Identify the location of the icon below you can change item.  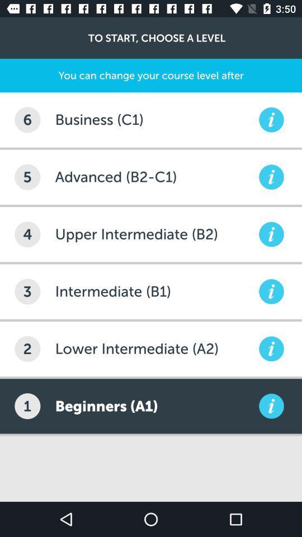
(27, 120).